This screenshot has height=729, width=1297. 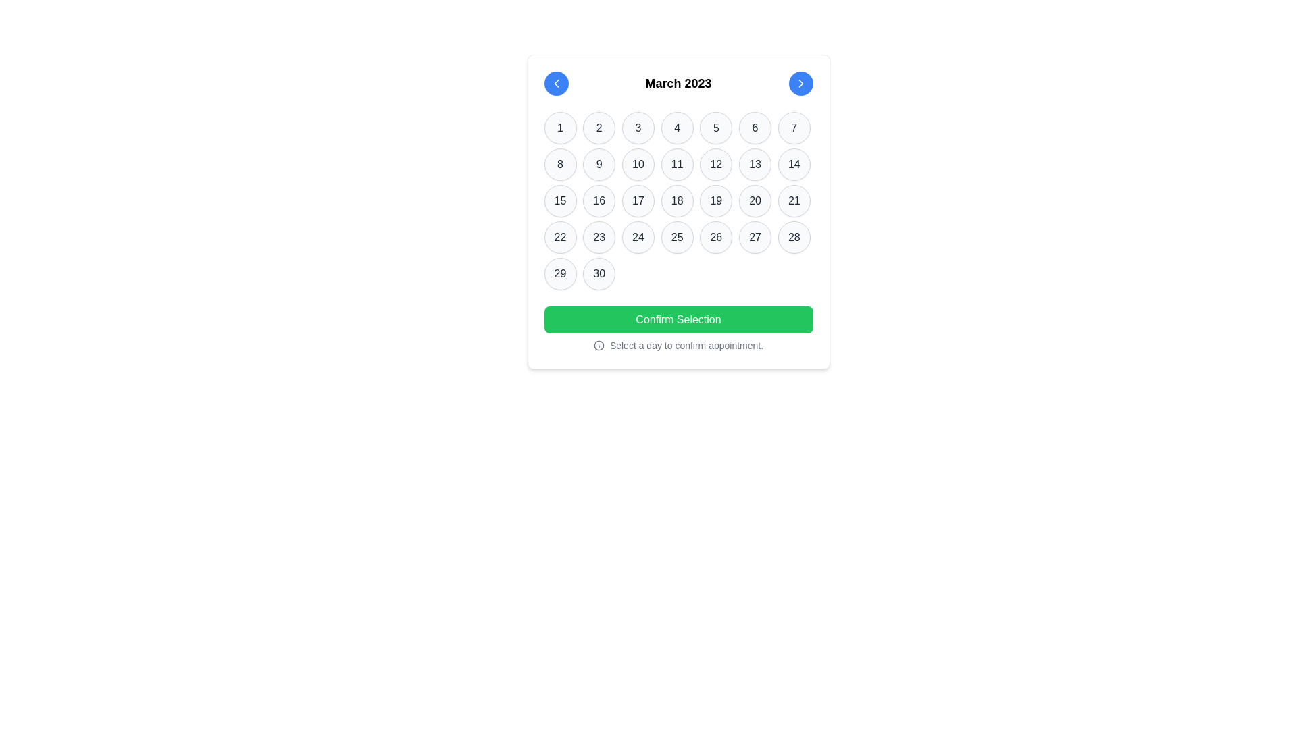 I want to click on the button that represents the date '23' in the calendar grid for user interaction via keyboard, so click(x=599, y=236).